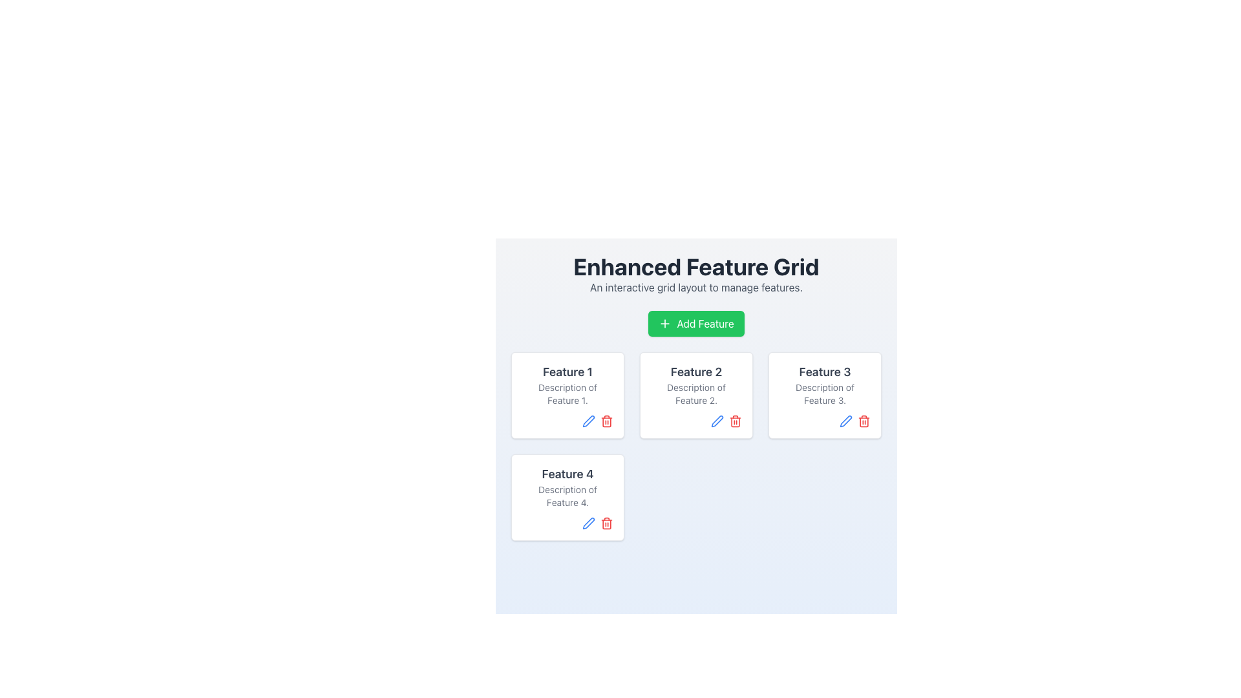 This screenshot has width=1241, height=698. Describe the element at coordinates (824, 385) in the screenshot. I see `the descriptive text block titled 'Feature 3' which contains the text 'Description of Feature 3.'` at that location.